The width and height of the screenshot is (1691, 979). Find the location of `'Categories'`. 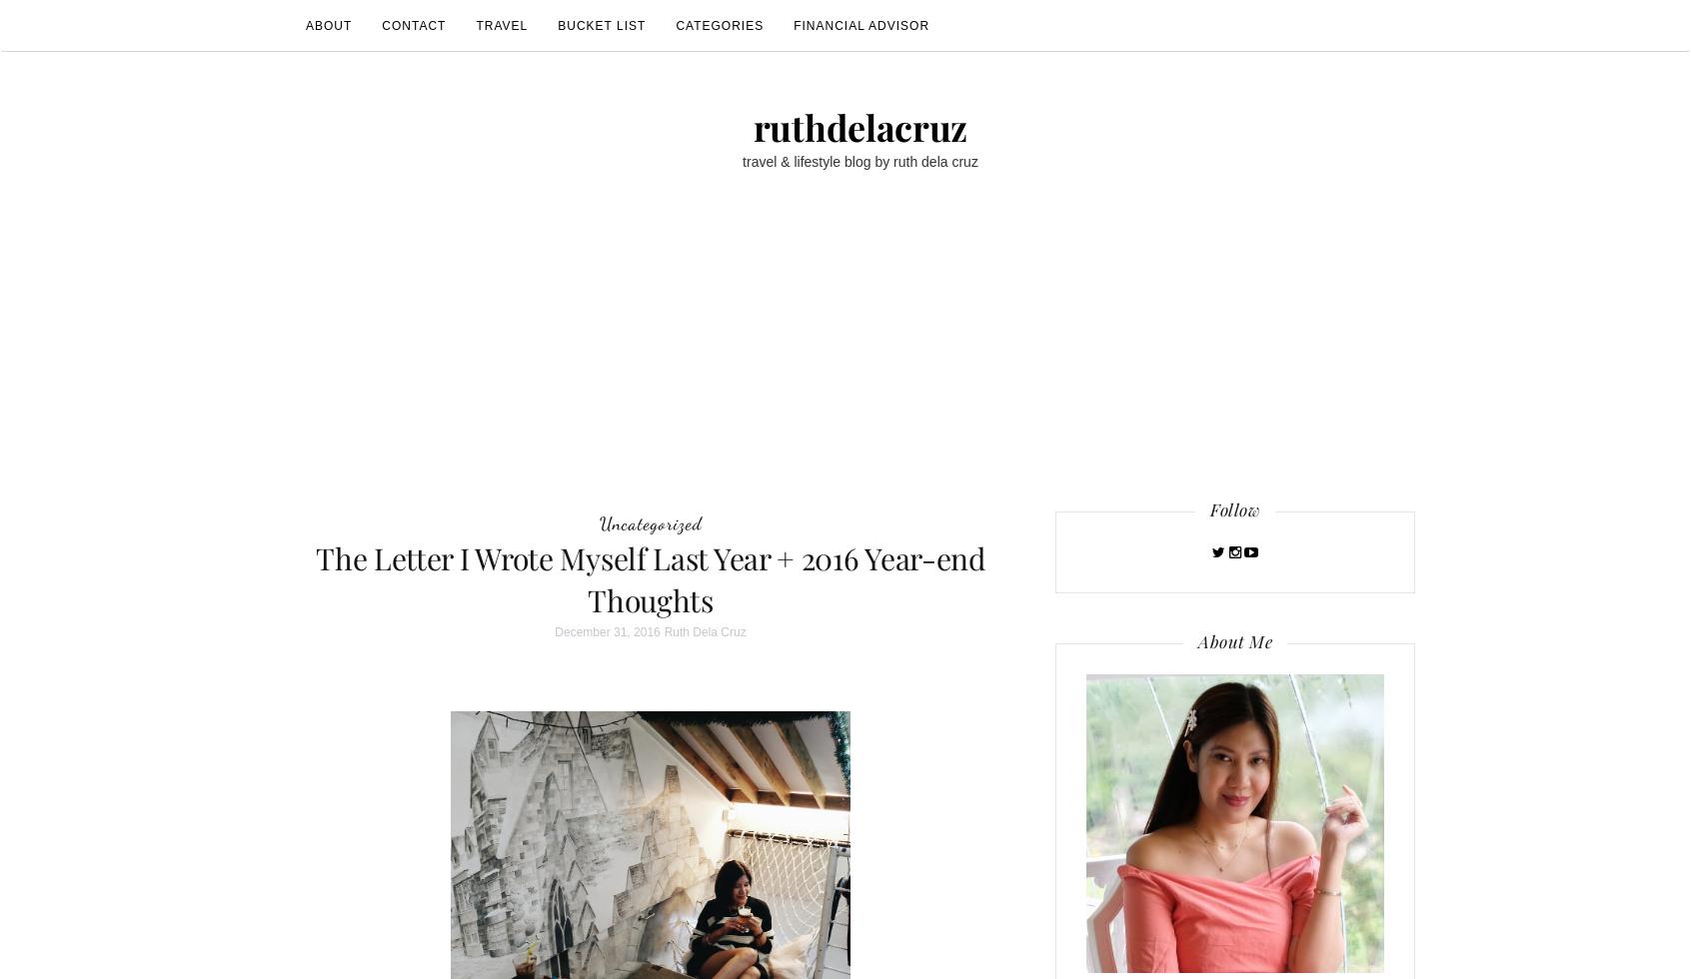

'Categories' is located at coordinates (718, 25).